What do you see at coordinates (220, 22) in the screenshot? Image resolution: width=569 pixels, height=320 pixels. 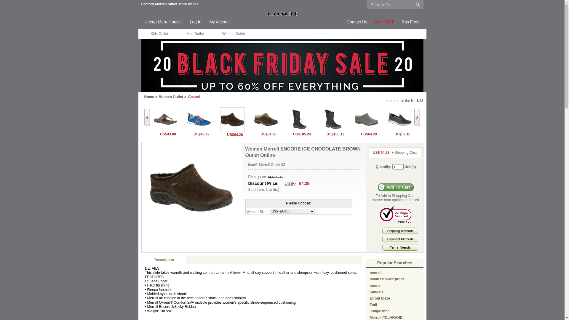 I see `'My Account'` at bounding box center [220, 22].